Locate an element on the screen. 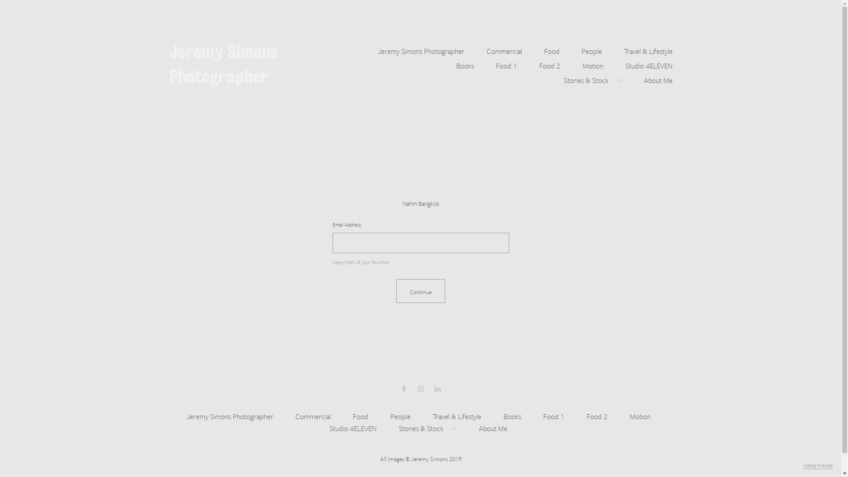 Image resolution: width=848 pixels, height=477 pixels. 'About Me' is located at coordinates (492, 427).